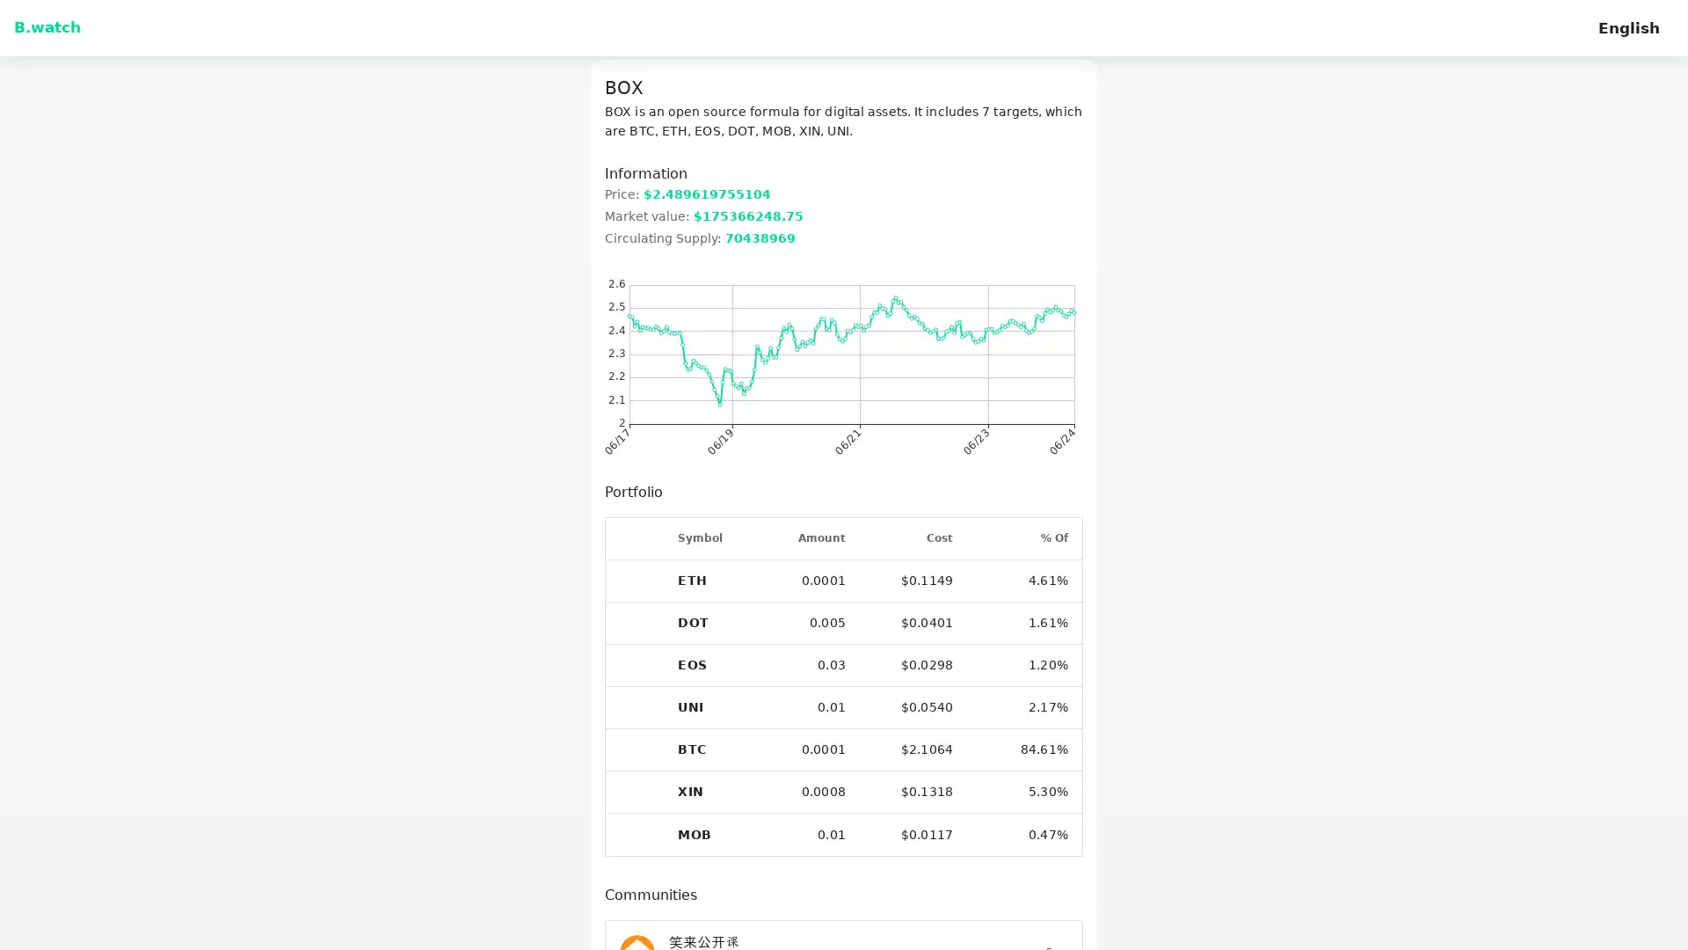  Describe the element at coordinates (1627, 27) in the screenshot. I see `English` at that location.